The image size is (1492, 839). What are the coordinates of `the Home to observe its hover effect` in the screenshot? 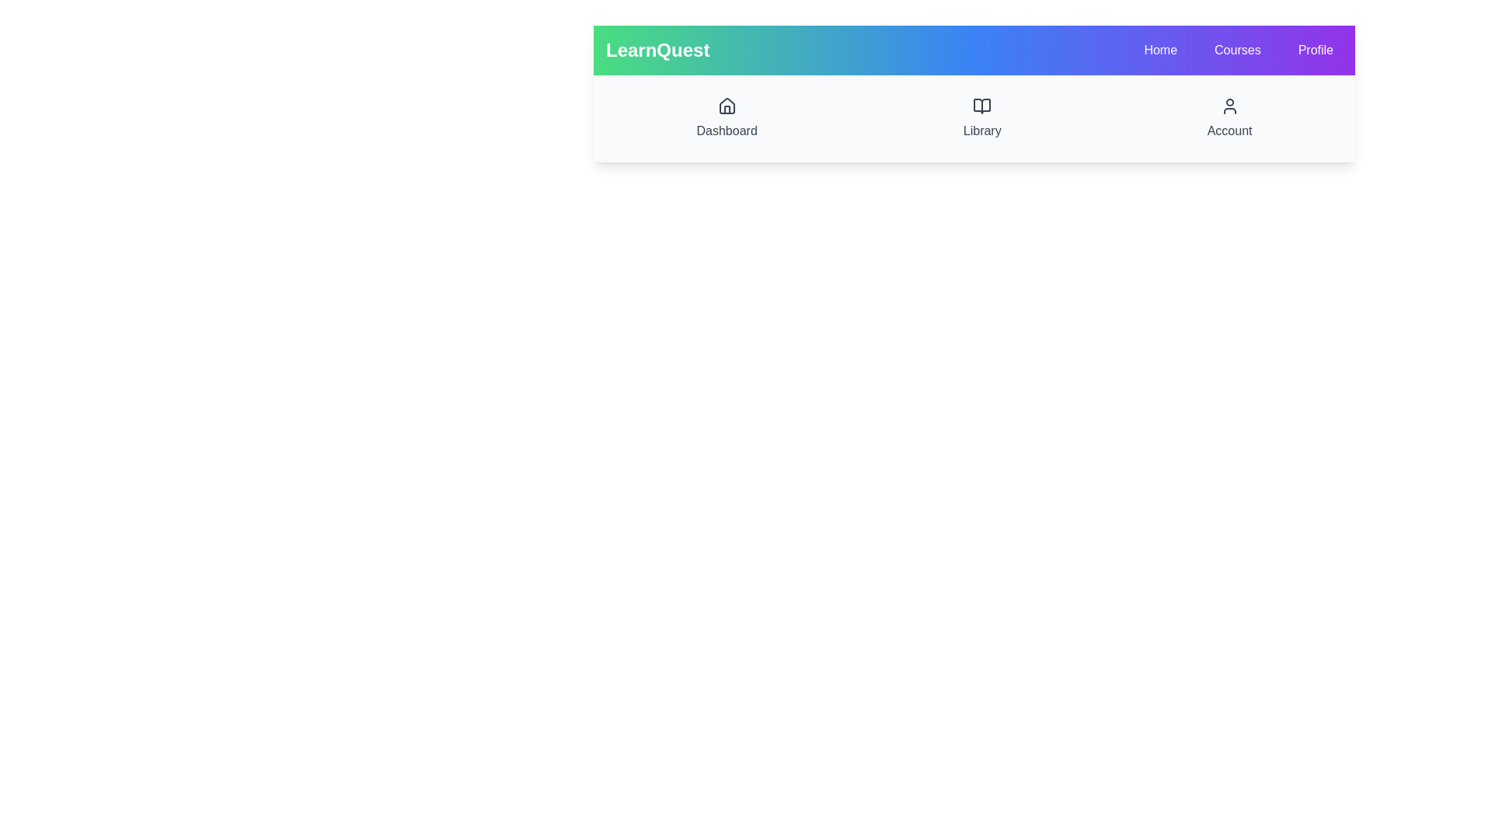 It's located at (1159, 50).